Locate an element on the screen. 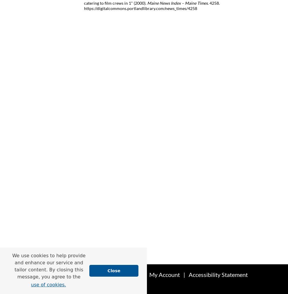  'Copyright' is located at coordinates (101, 286).